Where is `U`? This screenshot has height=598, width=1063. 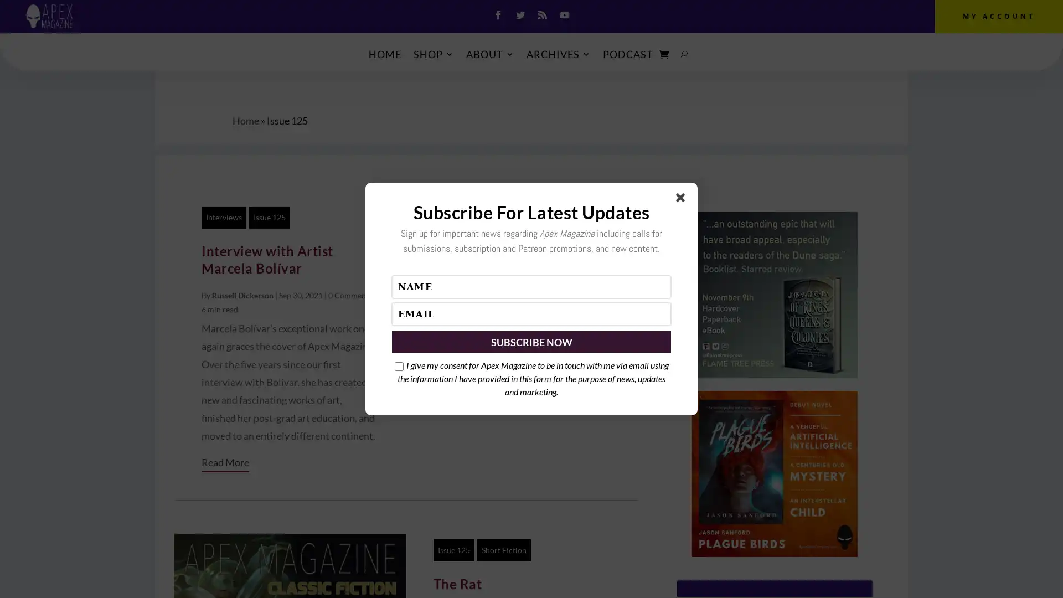 U is located at coordinates (684, 54).